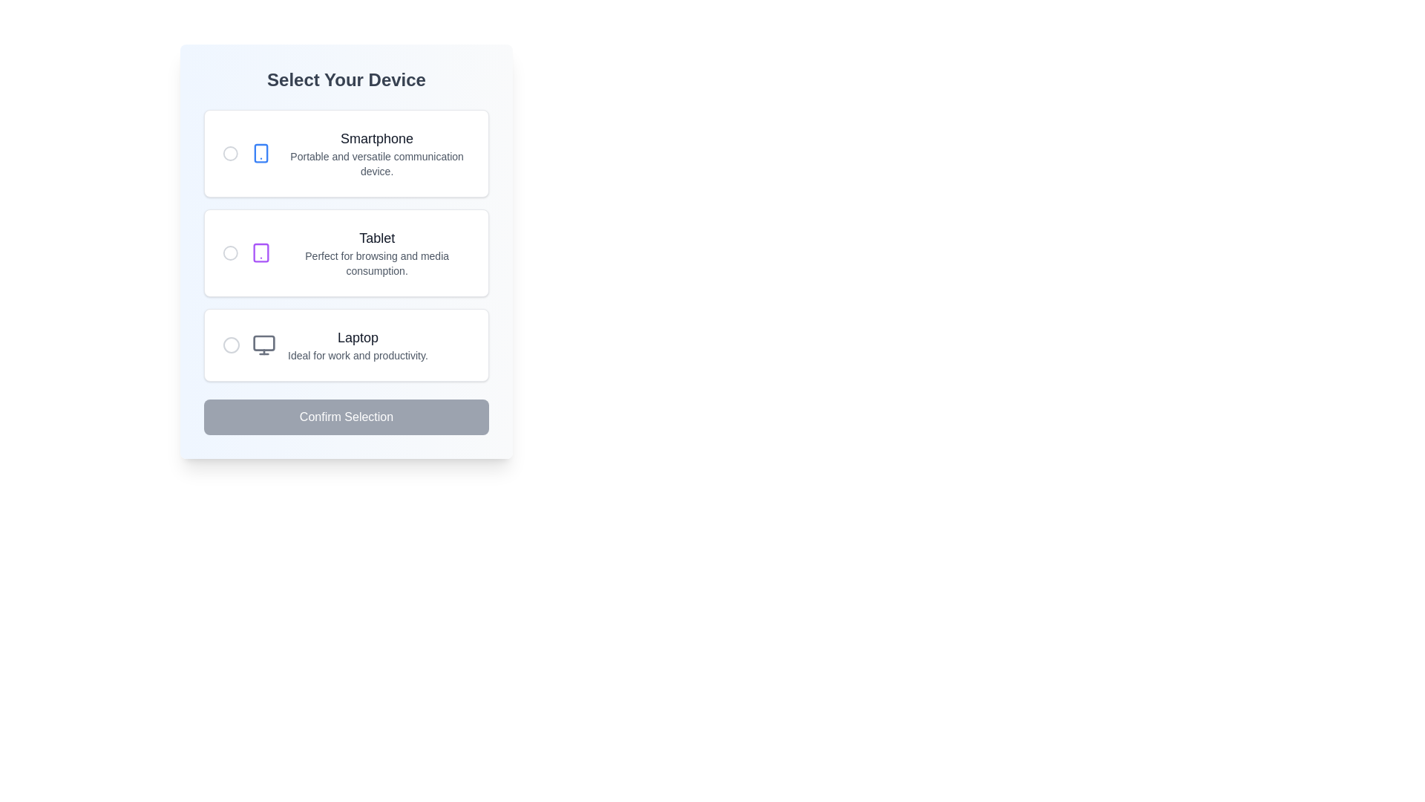 The height and width of the screenshot is (802, 1425). I want to click on the descriptive text element for the Laptop option, located below the Tablet option in the list of devices, so click(358, 345).